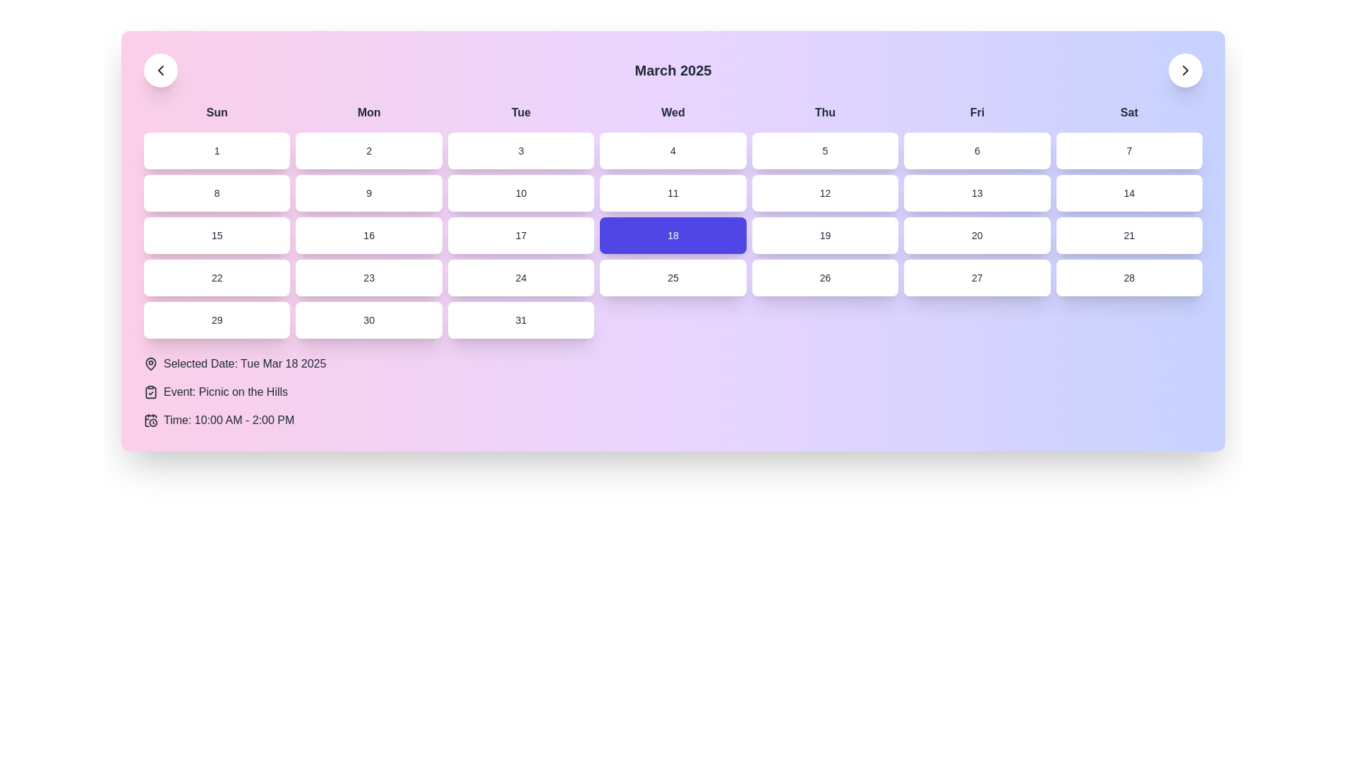  I want to click on the text label displaying 'Event: Picnic on the Hills', which is styled with a readable font and located in the event details section of the interface, so click(226, 392).